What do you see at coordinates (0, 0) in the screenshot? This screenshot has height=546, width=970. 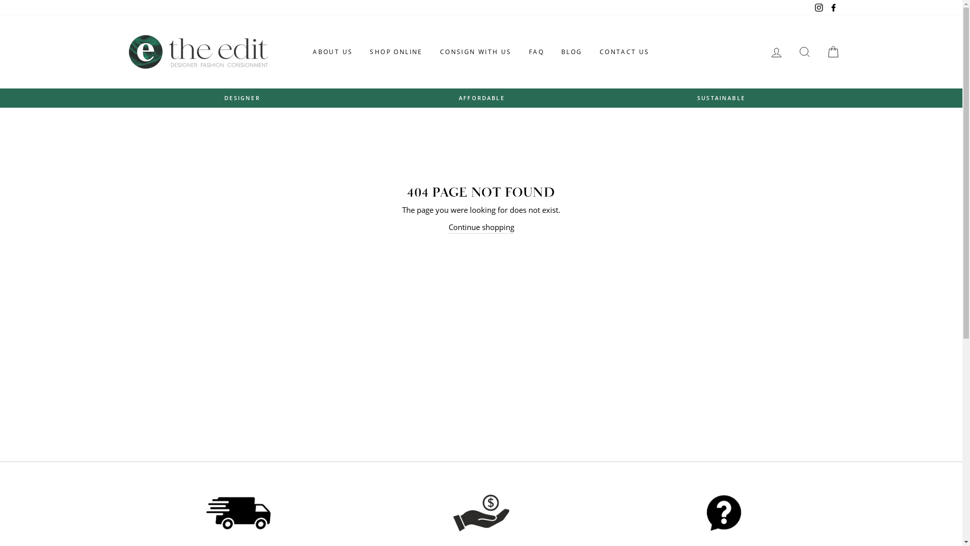 I see `'Skip to content'` at bounding box center [0, 0].